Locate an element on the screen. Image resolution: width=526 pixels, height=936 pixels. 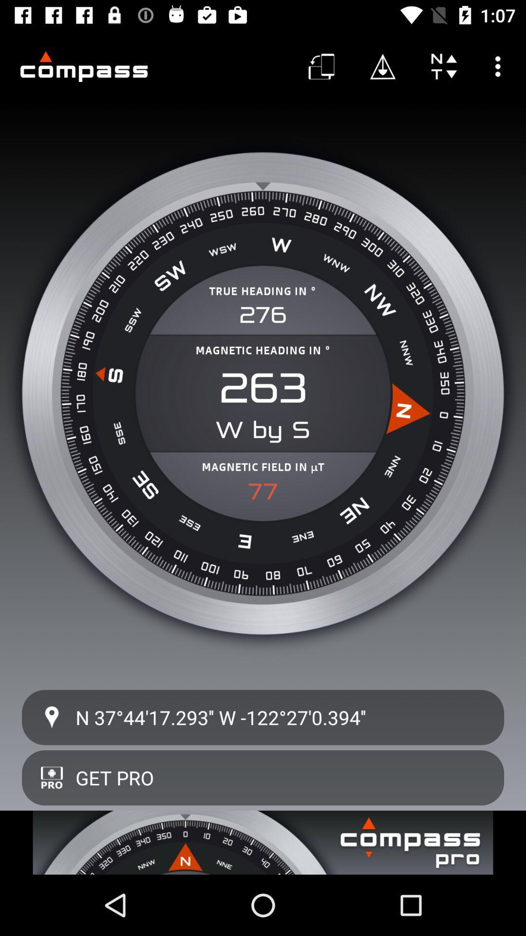
the item above the magnetic field in icon is located at coordinates (263, 388).